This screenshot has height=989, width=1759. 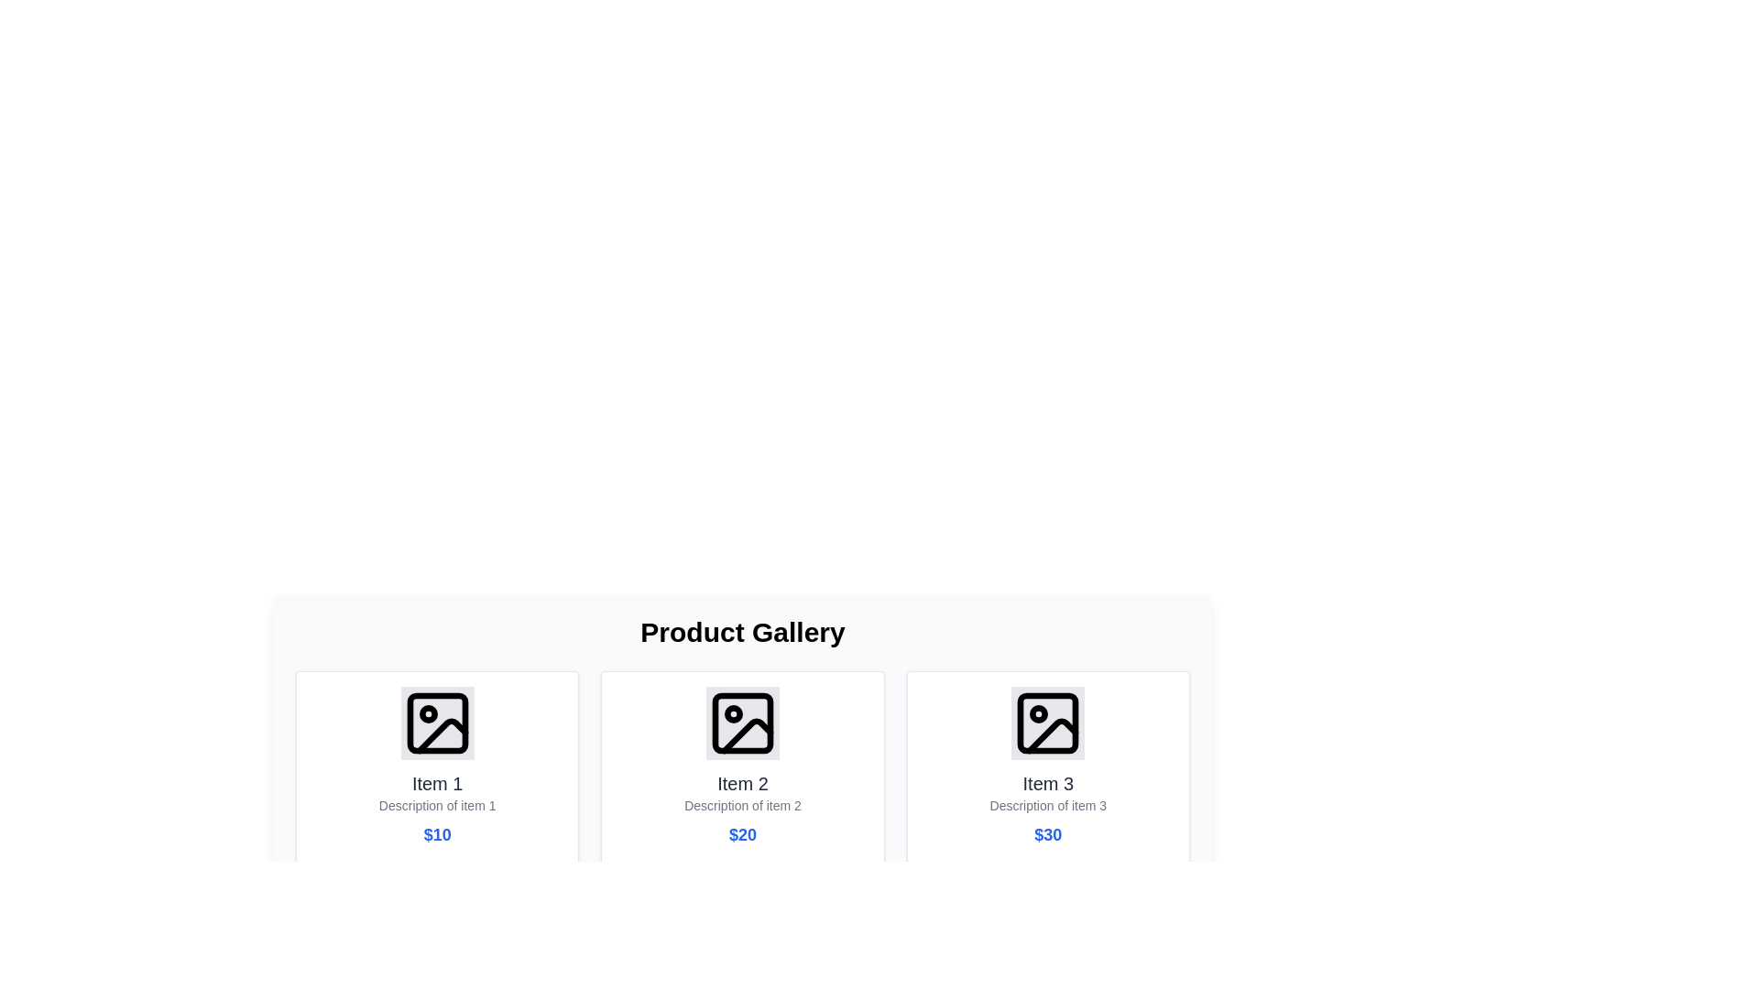 What do you see at coordinates (1048, 834) in the screenshot?
I see `the price text label located within the third product card under the title 'Item 3', which is positioned below the item's description 'Description of item 3' and aligned centrally within the card` at bounding box center [1048, 834].